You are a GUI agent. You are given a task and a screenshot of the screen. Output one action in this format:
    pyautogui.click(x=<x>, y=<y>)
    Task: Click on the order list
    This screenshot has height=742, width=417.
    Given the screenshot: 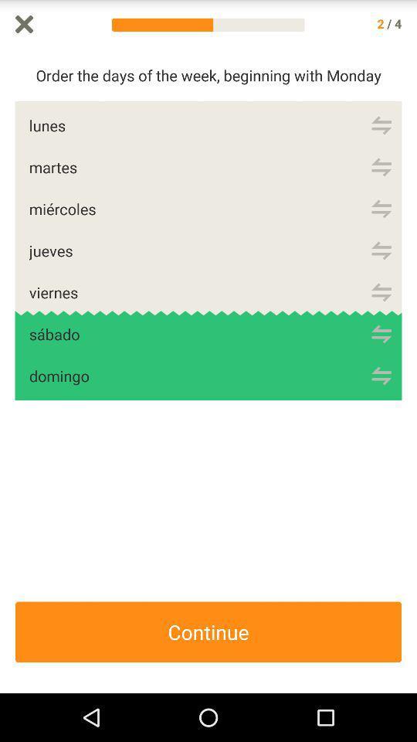 What is the action you would take?
    pyautogui.click(x=381, y=291)
    